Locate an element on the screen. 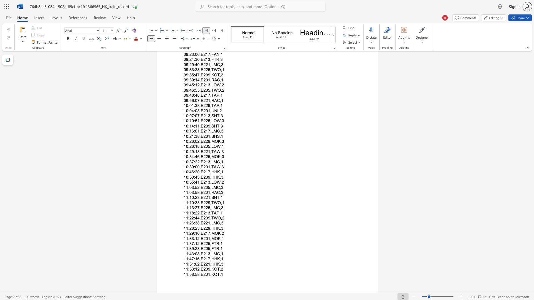  the space between the continuous character "3" and "," in the text is located at coordinates (209, 182).